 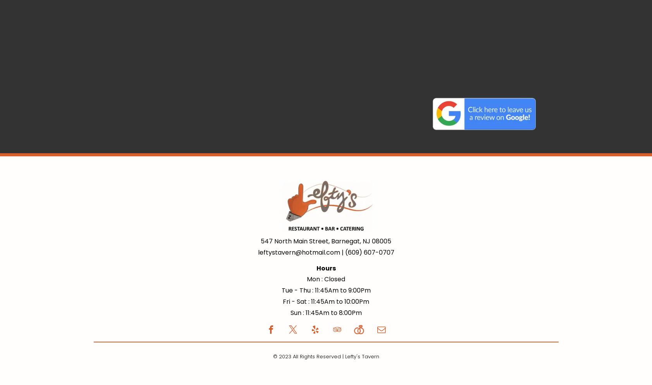 I want to click on 'Tue - Thu : 11:45Am to 9:00Pm', so click(x=281, y=290).